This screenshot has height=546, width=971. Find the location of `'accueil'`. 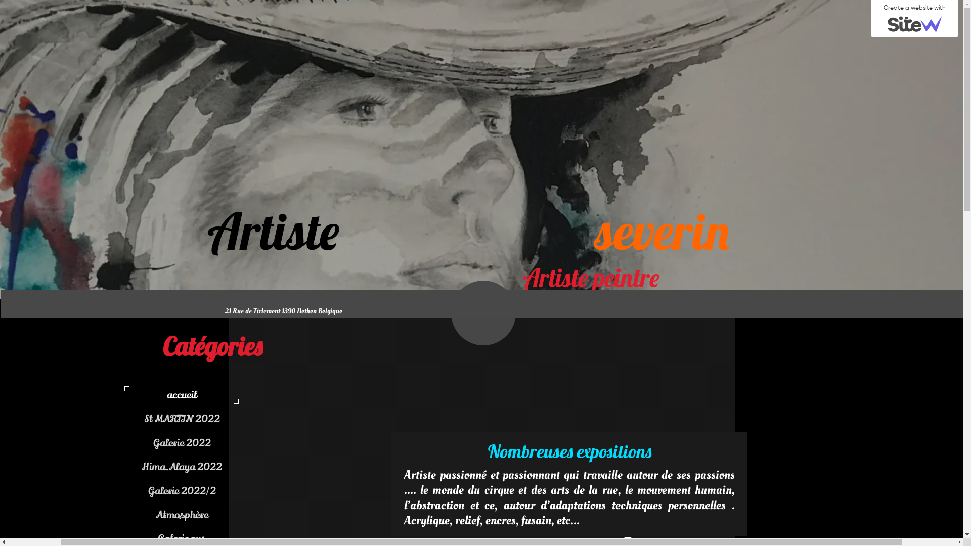

'accueil' is located at coordinates (185, 394).